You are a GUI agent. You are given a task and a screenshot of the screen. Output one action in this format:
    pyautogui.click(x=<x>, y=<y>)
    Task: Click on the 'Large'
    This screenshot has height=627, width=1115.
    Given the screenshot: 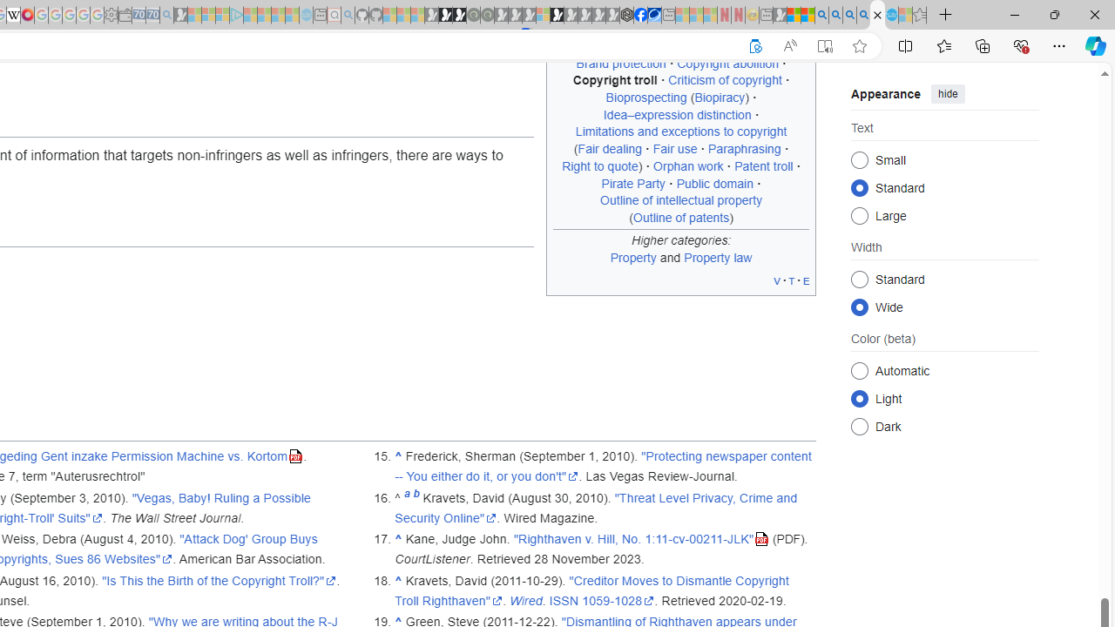 What is the action you would take?
    pyautogui.click(x=859, y=214)
    